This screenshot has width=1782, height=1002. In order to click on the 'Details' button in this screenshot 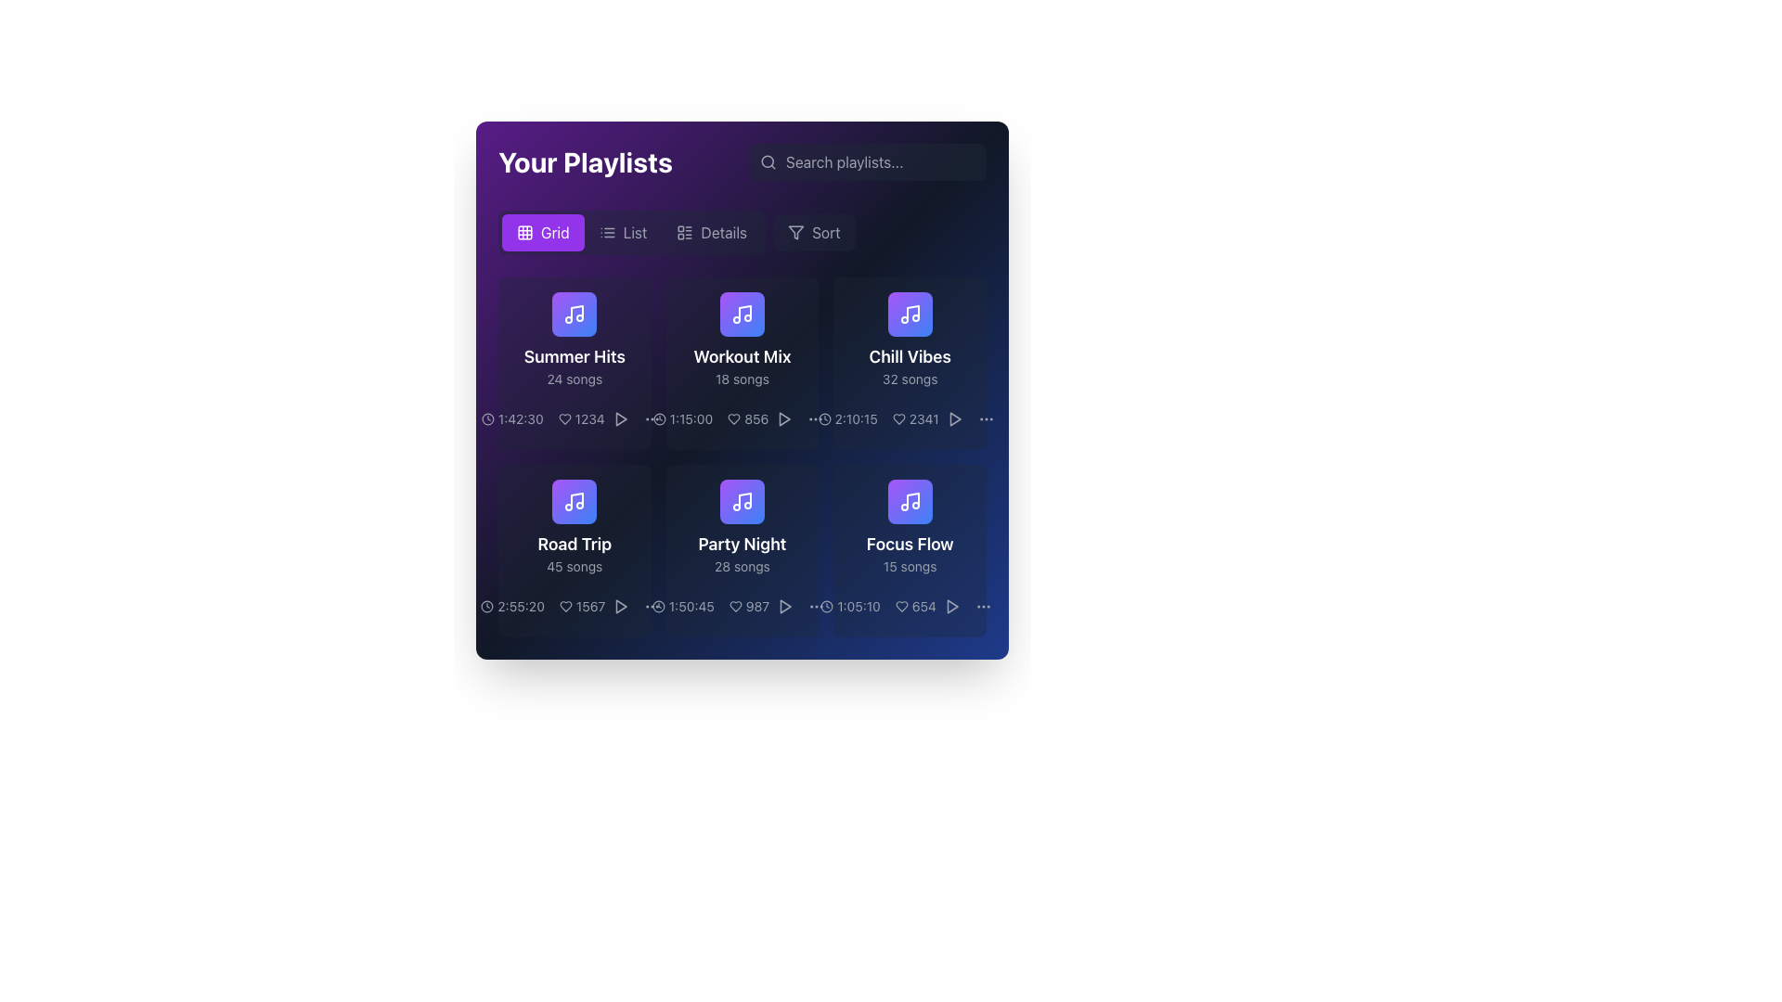, I will do `click(711, 231)`.